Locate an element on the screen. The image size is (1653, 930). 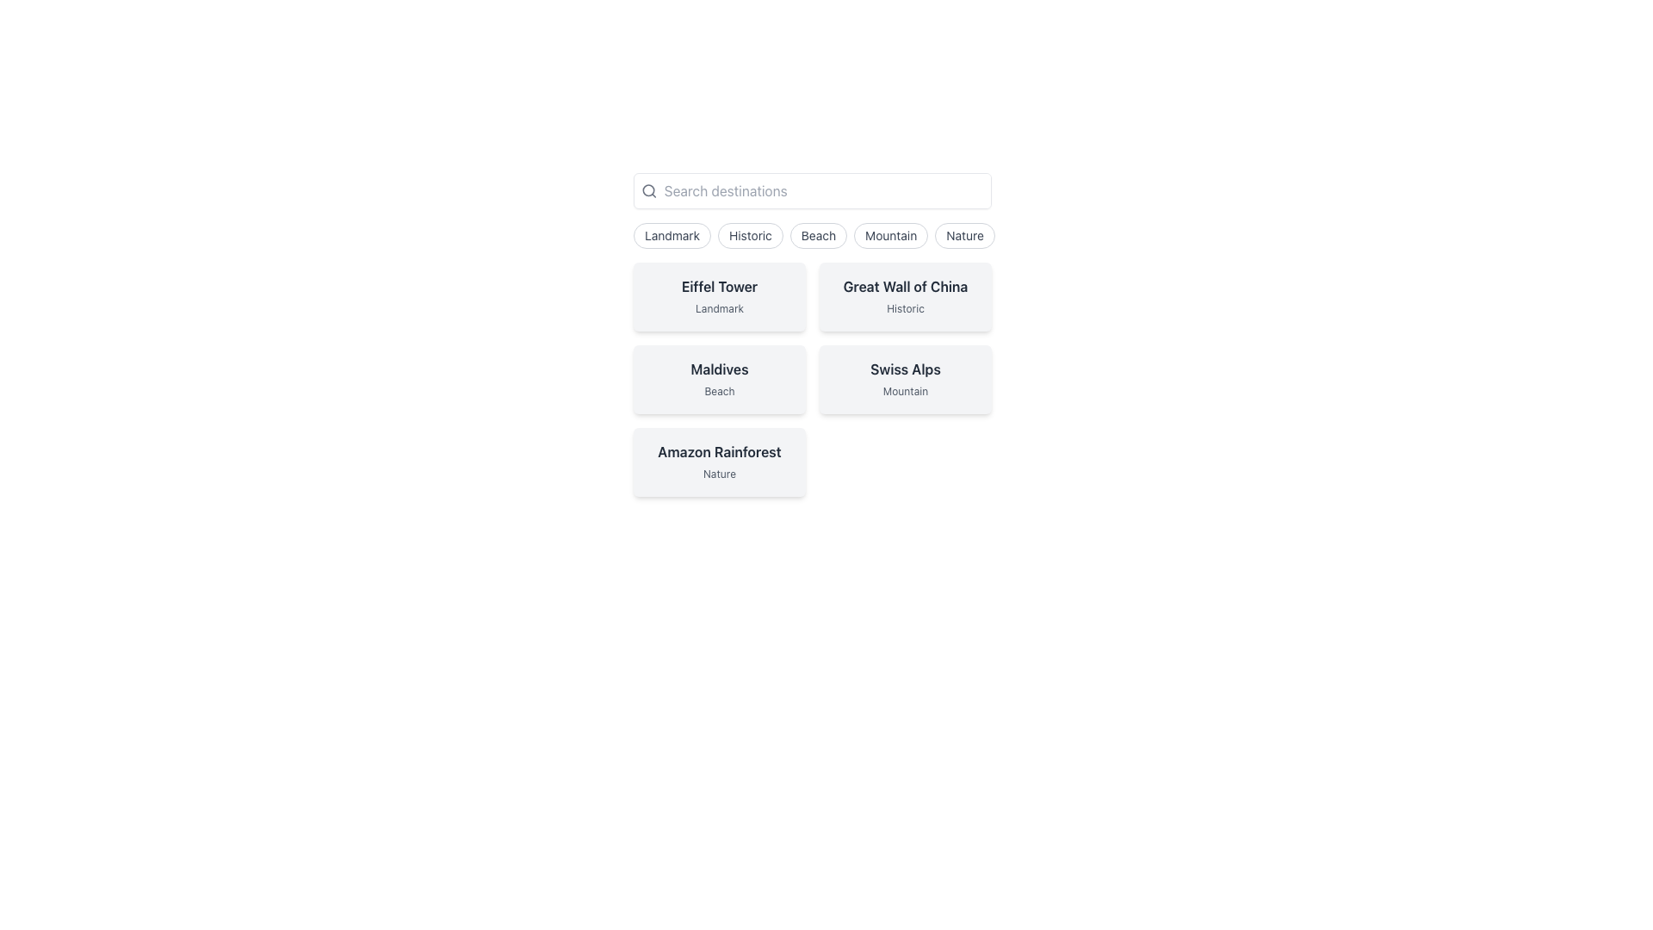
the 'Beach' button, which is a rounded rectangle with a white background and gray border, positioned below the search bar and between 'Historic' and 'Mountain' is located at coordinates (817, 235).